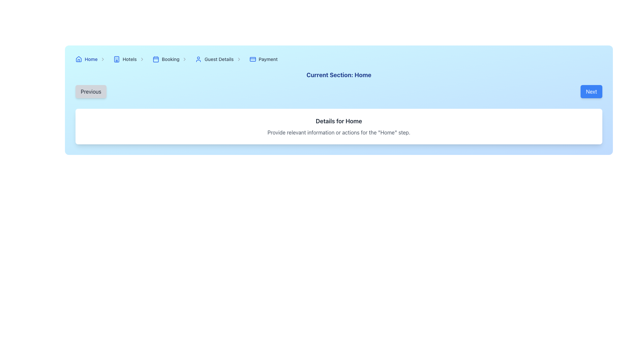 The image size is (633, 356). Describe the element at coordinates (155, 59) in the screenshot. I see `the visual representation of the 'Booking' breadcrumb icon, which is located within the breadcrumb navigation bar between 'Hotels' and 'Guest Details'` at that location.